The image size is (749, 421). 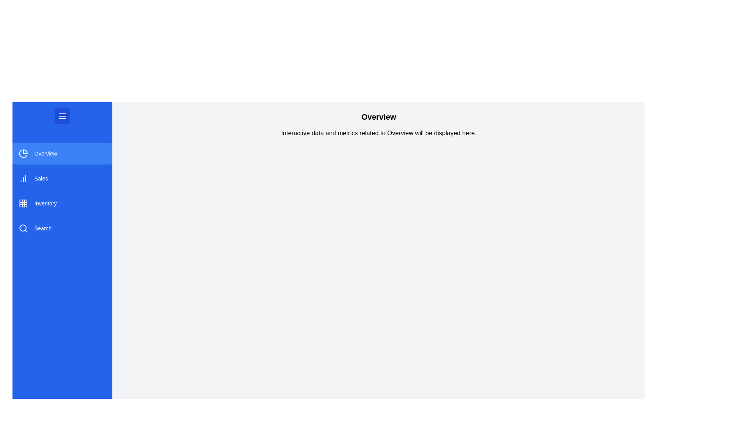 I want to click on the module Overview from the sidebar menu, so click(x=62, y=153).